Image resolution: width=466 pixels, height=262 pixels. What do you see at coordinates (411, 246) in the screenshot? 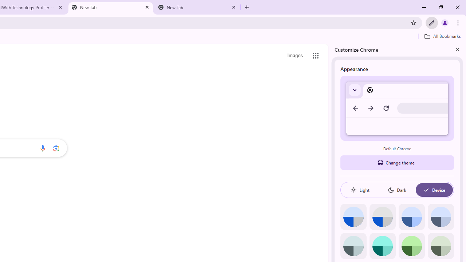
I see `'Green'` at bounding box center [411, 246].